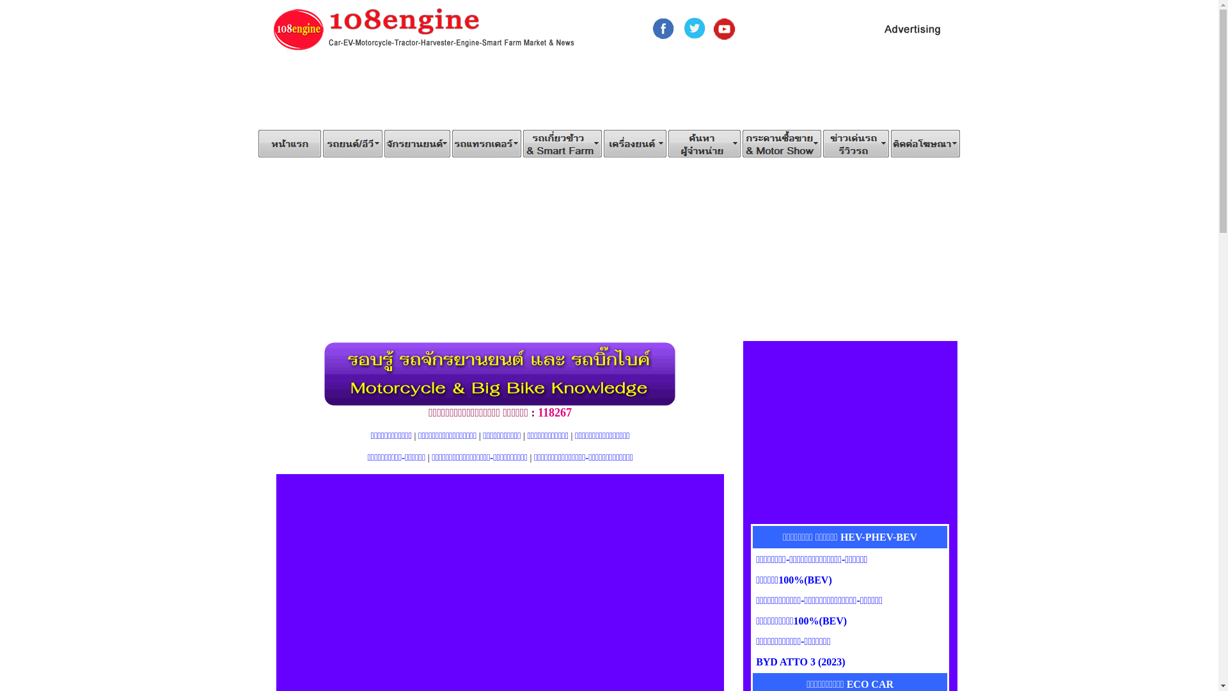 Image resolution: width=1228 pixels, height=691 pixels. I want to click on 'Twitter108engine', so click(693, 28).